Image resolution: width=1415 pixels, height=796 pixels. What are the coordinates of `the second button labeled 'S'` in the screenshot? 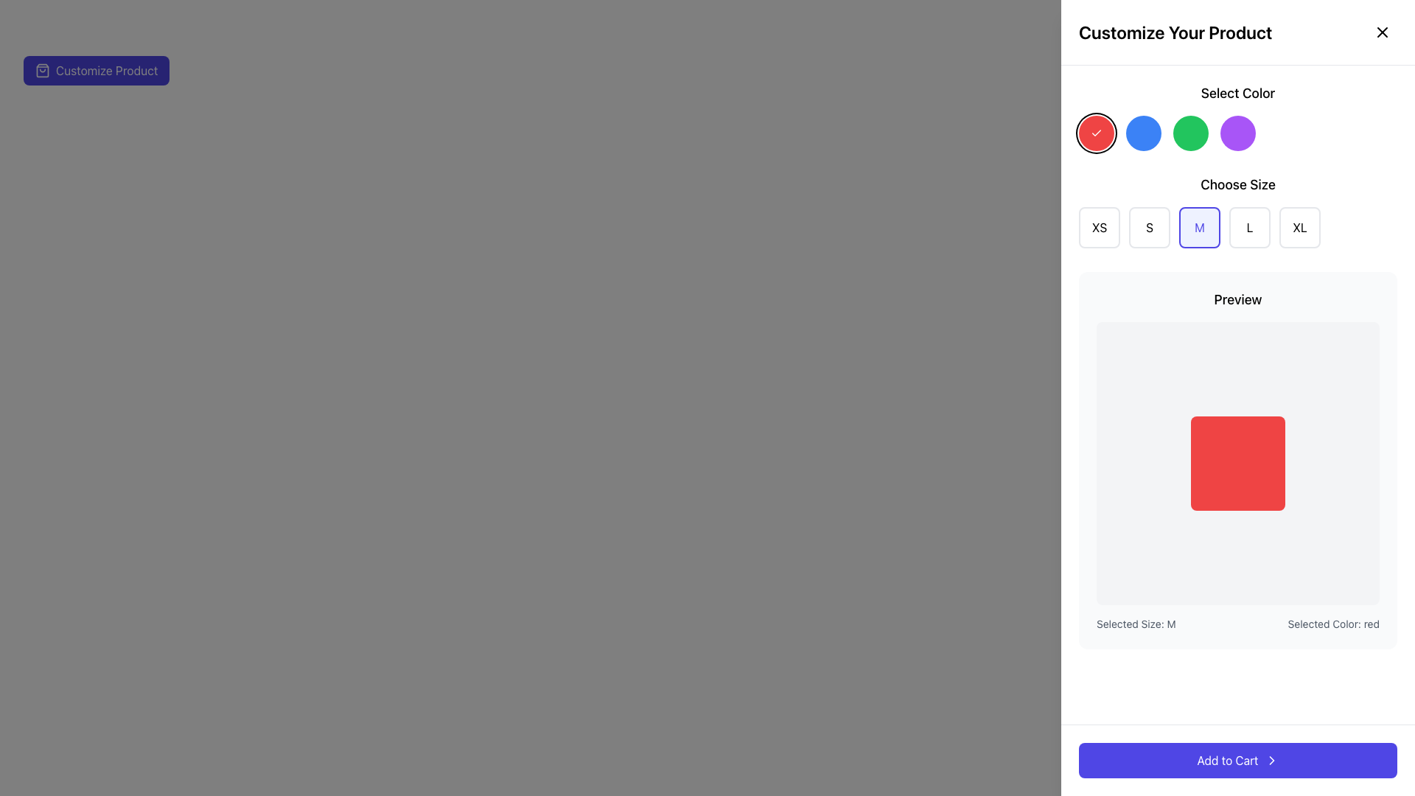 It's located at (1149, 227).